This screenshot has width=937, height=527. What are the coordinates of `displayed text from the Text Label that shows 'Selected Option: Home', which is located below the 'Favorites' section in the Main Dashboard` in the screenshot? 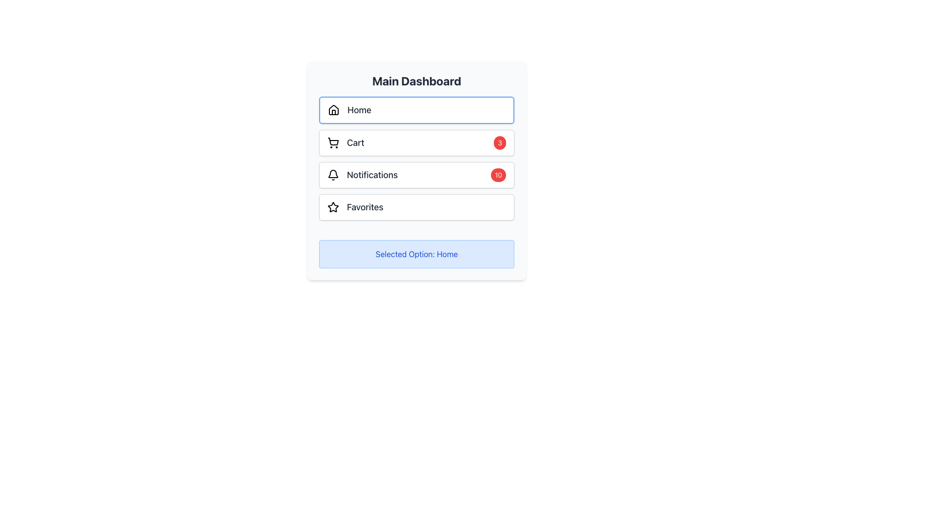 It's located at (417, 253).